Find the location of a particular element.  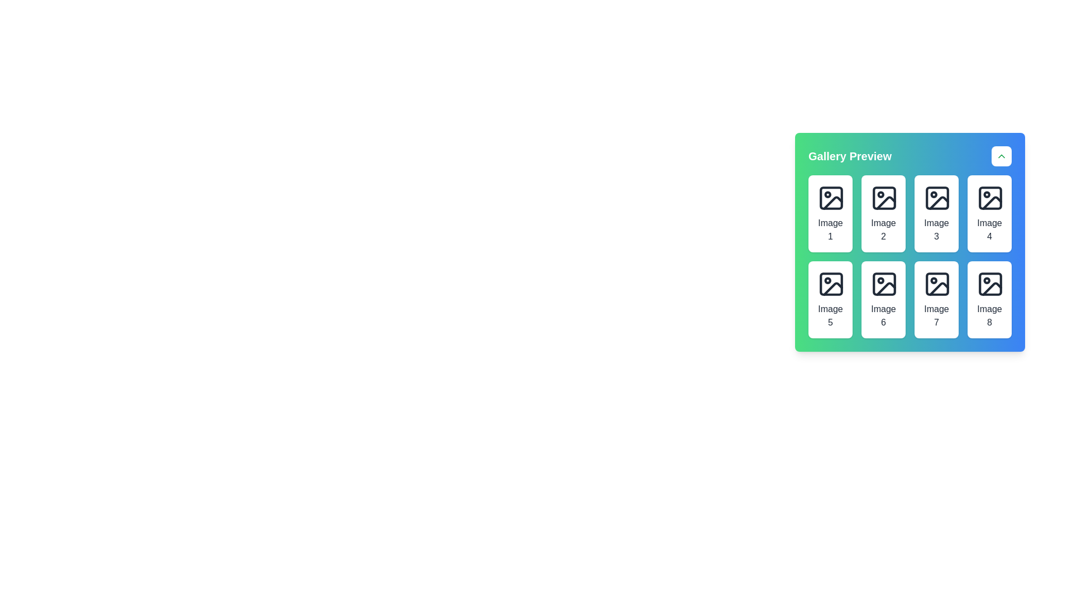

the white rectangular Image card labeled 'Image 7' located in the bottom-right position of the grid is located at coordinates (936, 299).